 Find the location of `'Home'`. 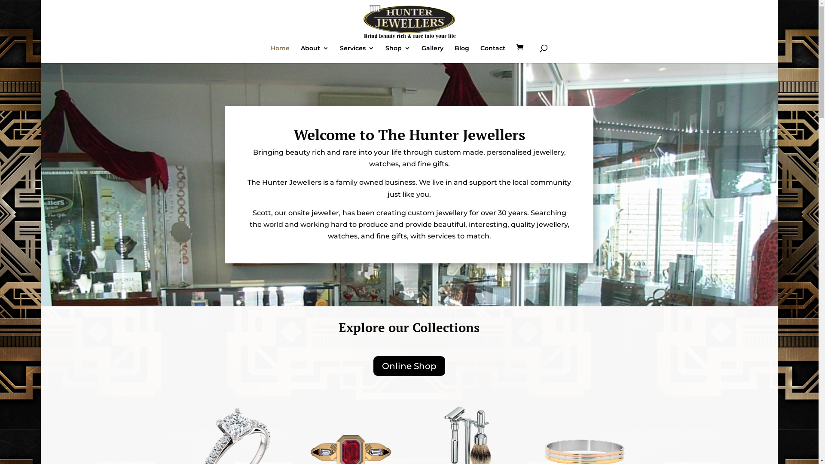

'Home' is located at coordinates (280, 54).